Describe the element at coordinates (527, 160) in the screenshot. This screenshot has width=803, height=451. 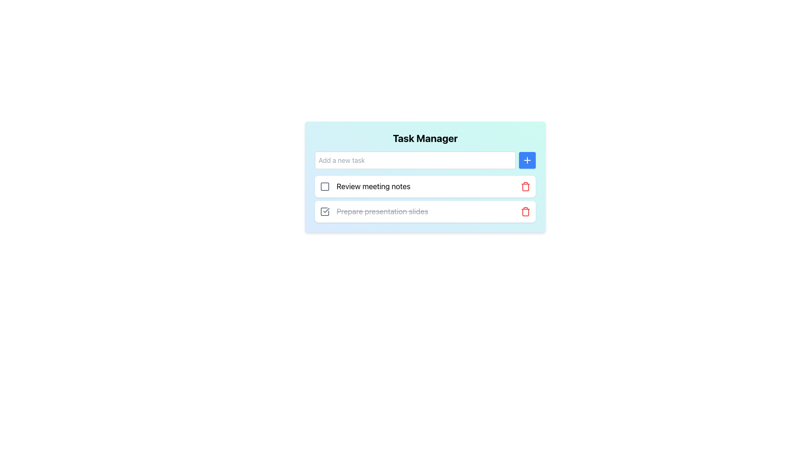
I see `the button located to the right of the 'Add a new task' input field` at that location.